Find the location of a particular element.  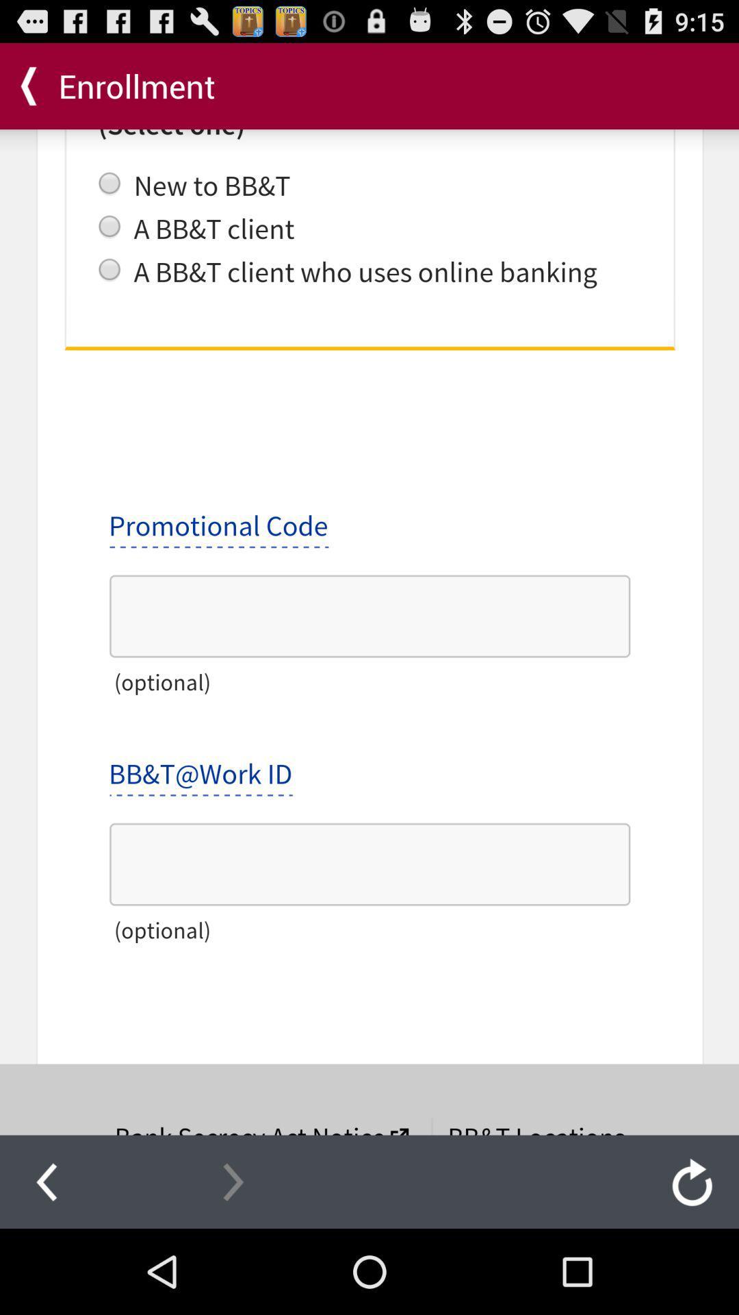

your options and enter code is located at coordinates (369, 631).